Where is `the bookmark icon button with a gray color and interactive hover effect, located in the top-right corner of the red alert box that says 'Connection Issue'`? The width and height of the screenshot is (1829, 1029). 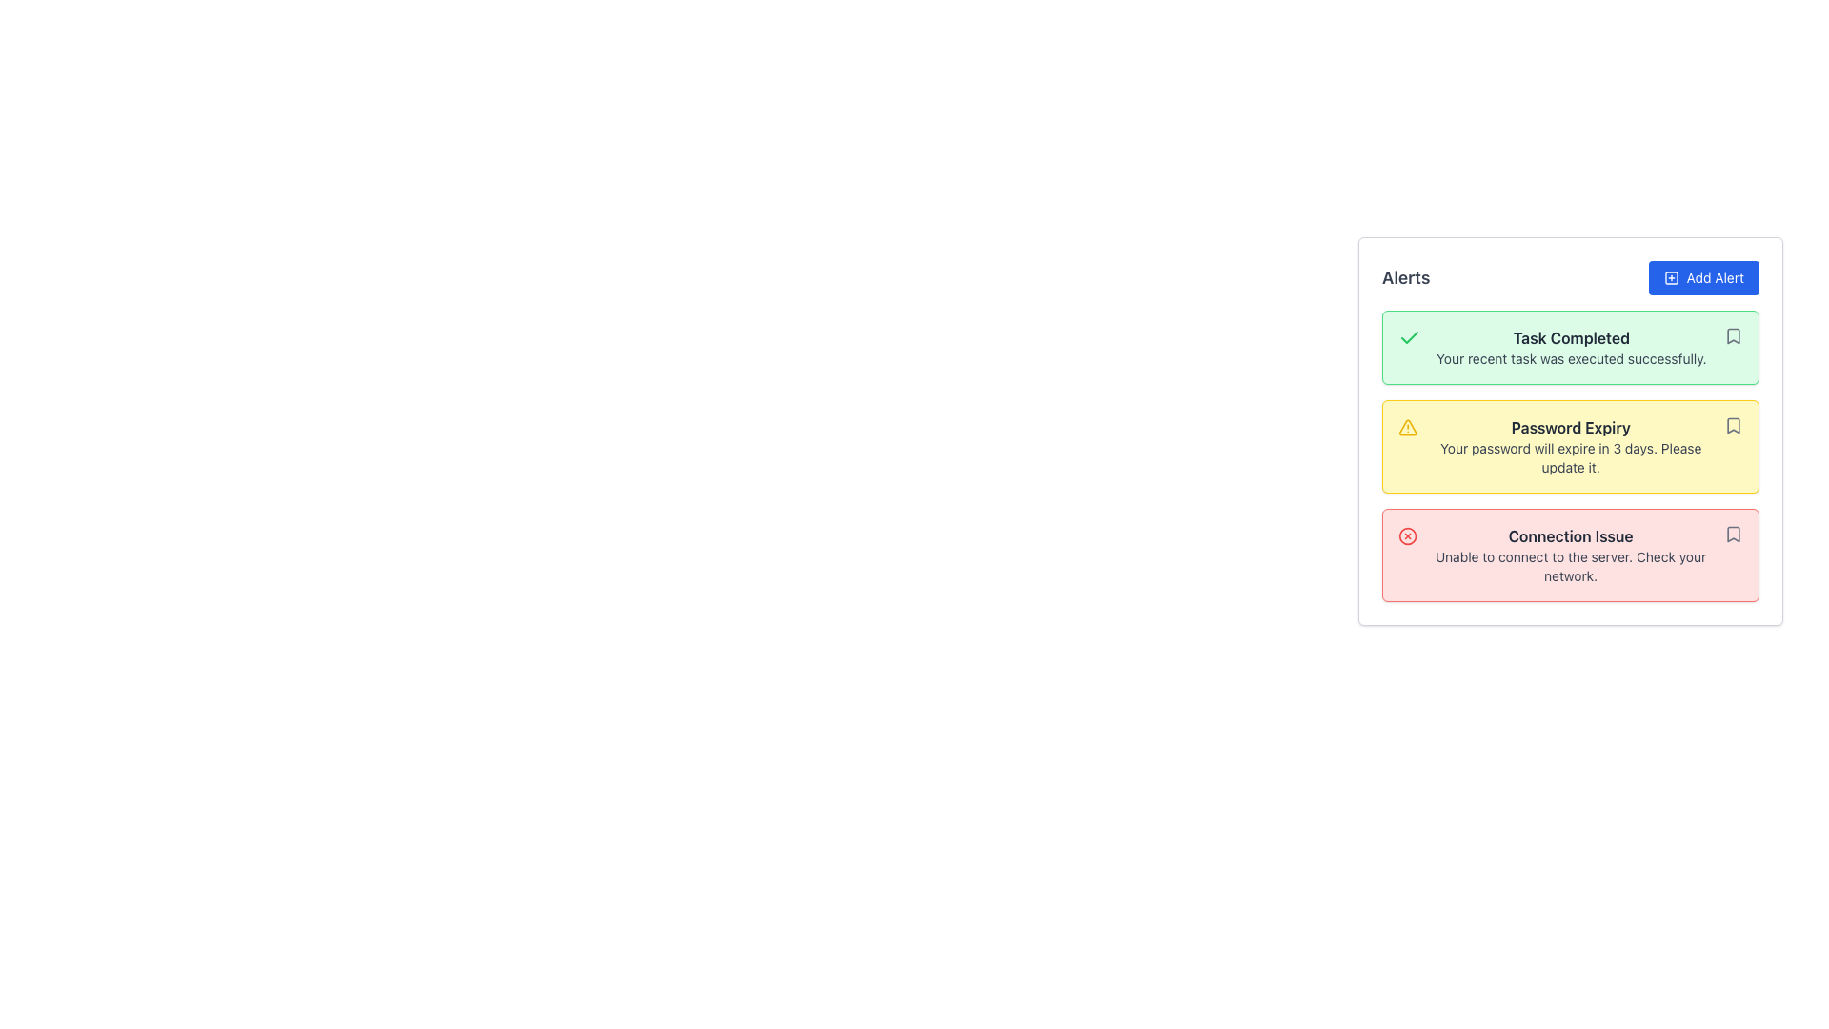 the bookmark icon button with a gray color and interactive hover effect, located in the top-right corner of the red alert box that says 'Connection Issue' is located at coordinates (1733, 534).